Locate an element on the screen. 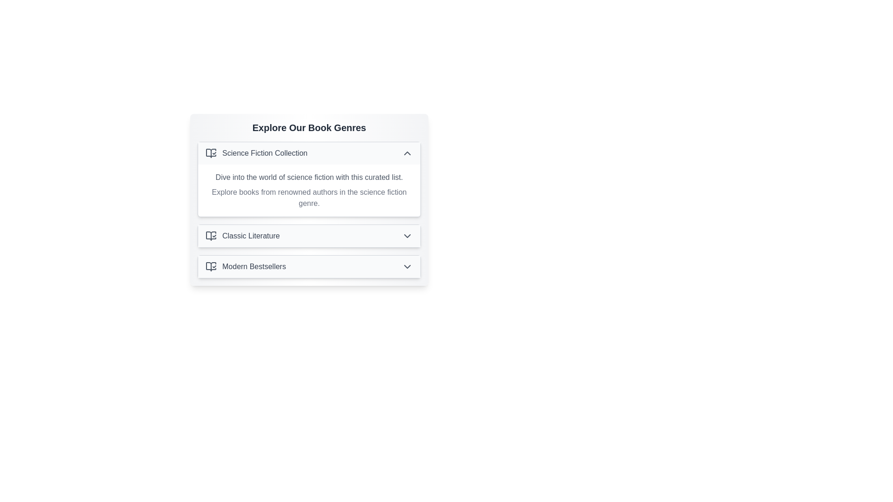 The image size is (893, 502). the user view on the 'Classic Literature' text label is located at coordinates (251, 236).